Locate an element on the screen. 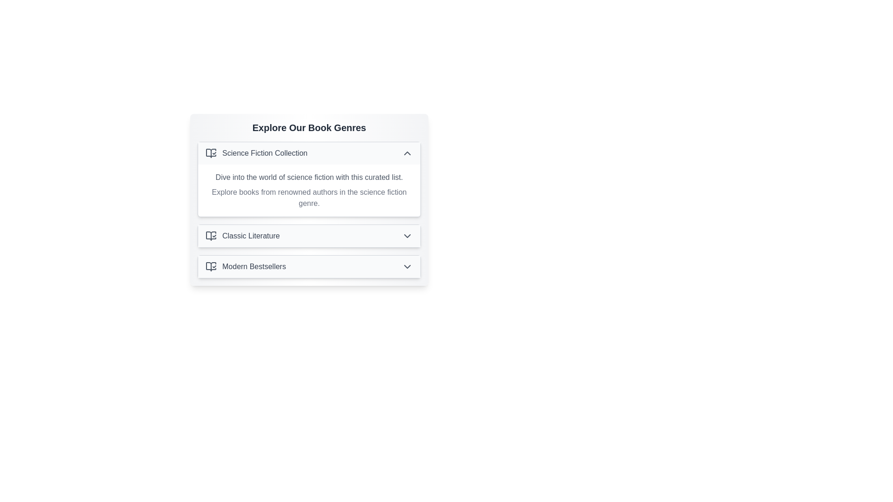 The image size is (893, 502). the user view on the 'Classic Literature' text label is located at coordinates (251, 236).